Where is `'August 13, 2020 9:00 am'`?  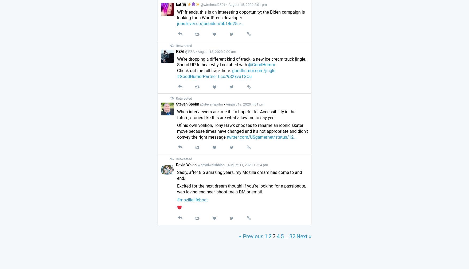
'August 13, 2020 9:00 am' is located at coordinates (216, 51).